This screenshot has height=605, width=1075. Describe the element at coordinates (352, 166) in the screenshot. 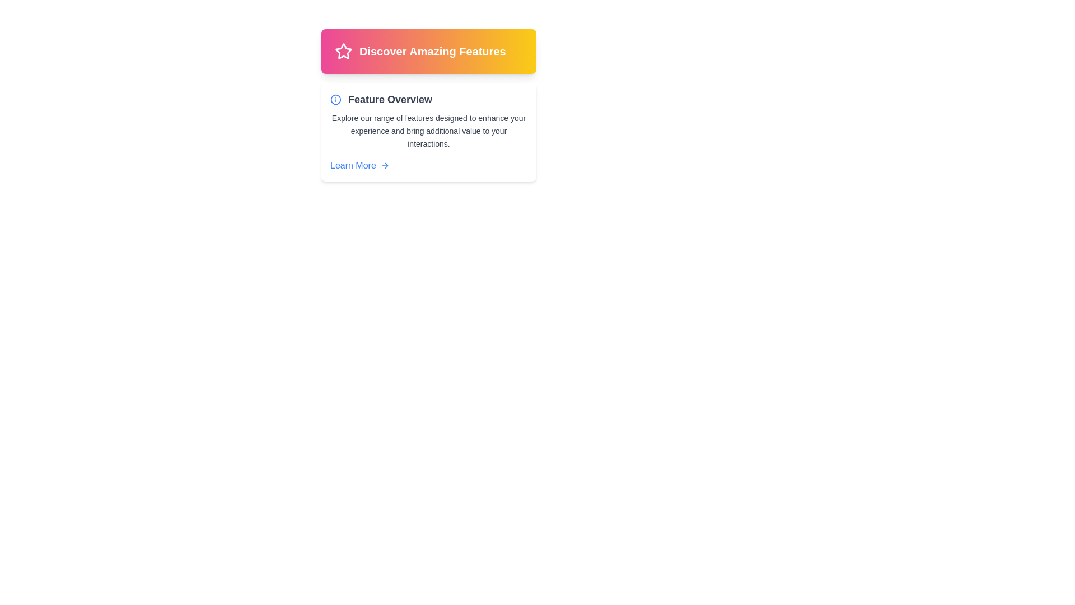

I see `the hyperlink text element located below the 'Feature Overview' heading` at that location.